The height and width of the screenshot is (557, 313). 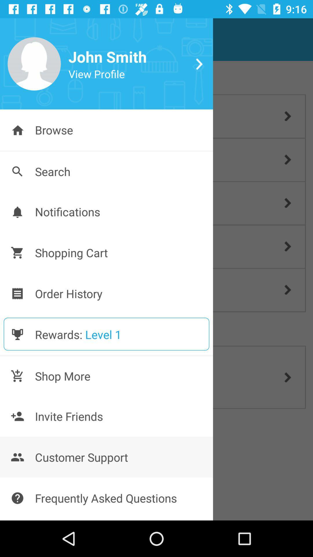 What do you see at coordinates (34, 64) in the screenshot?
I see `the profile icon which is above browse` at bounding box center [34, 64].